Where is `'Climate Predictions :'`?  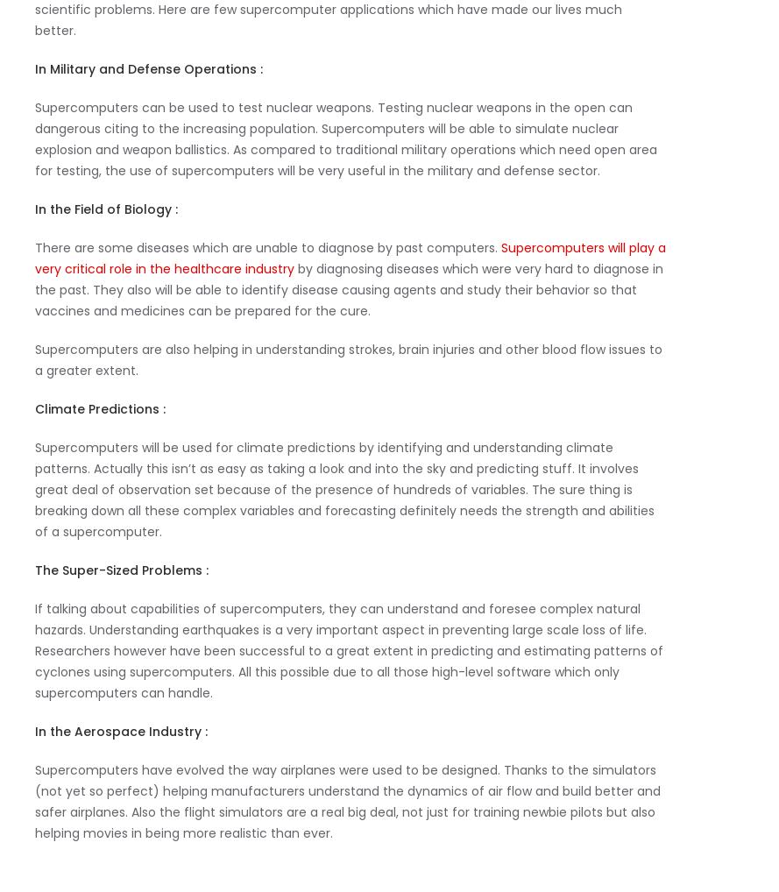 'Climate Predictions :' is located at coordinates (99, 408).